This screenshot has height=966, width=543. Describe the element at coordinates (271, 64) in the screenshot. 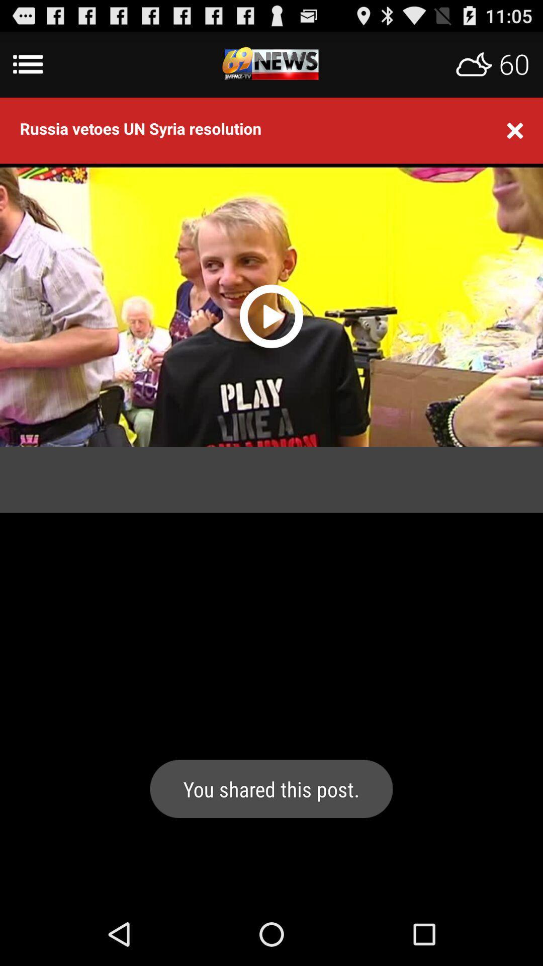

I see `menu app logo weather` at that location.